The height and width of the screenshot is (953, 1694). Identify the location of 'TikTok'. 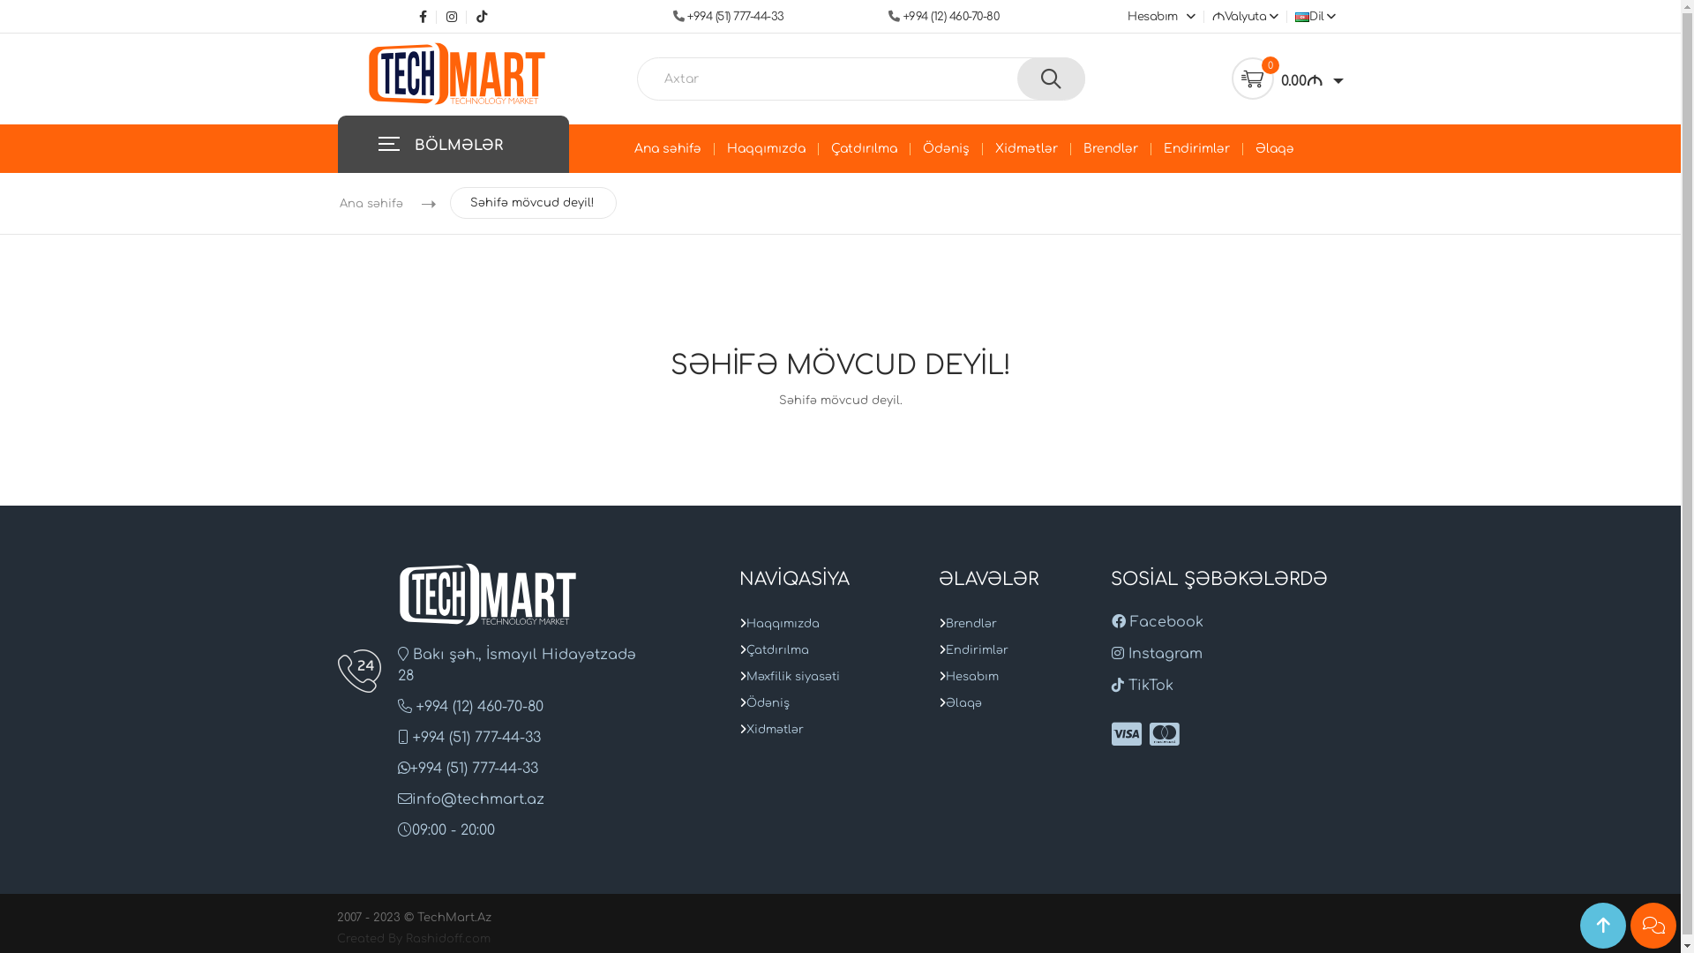
(478, 17).